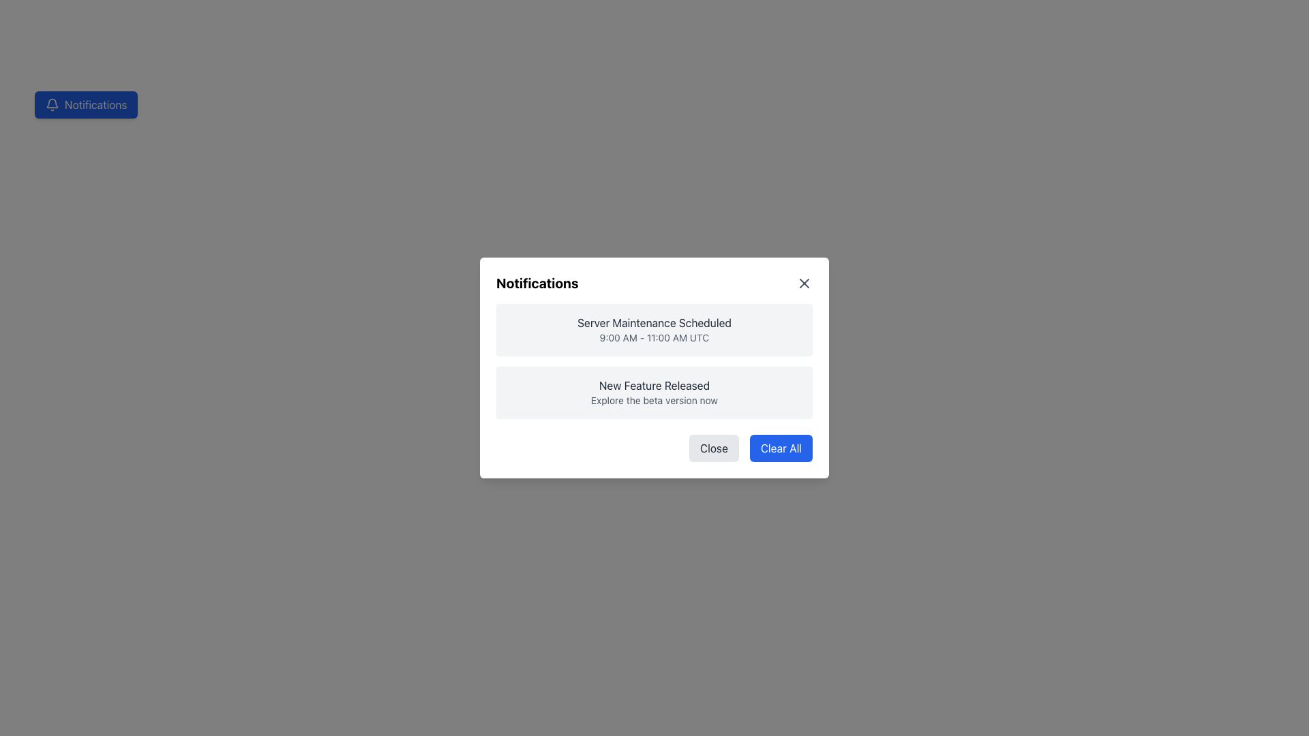 The height and width of the screenshot is (736, 1309). Describe the element at coordinates (85, 104) in the screenshot. I see `the blue 'Notifications' button with rounded corners and a bell icon` at that location.